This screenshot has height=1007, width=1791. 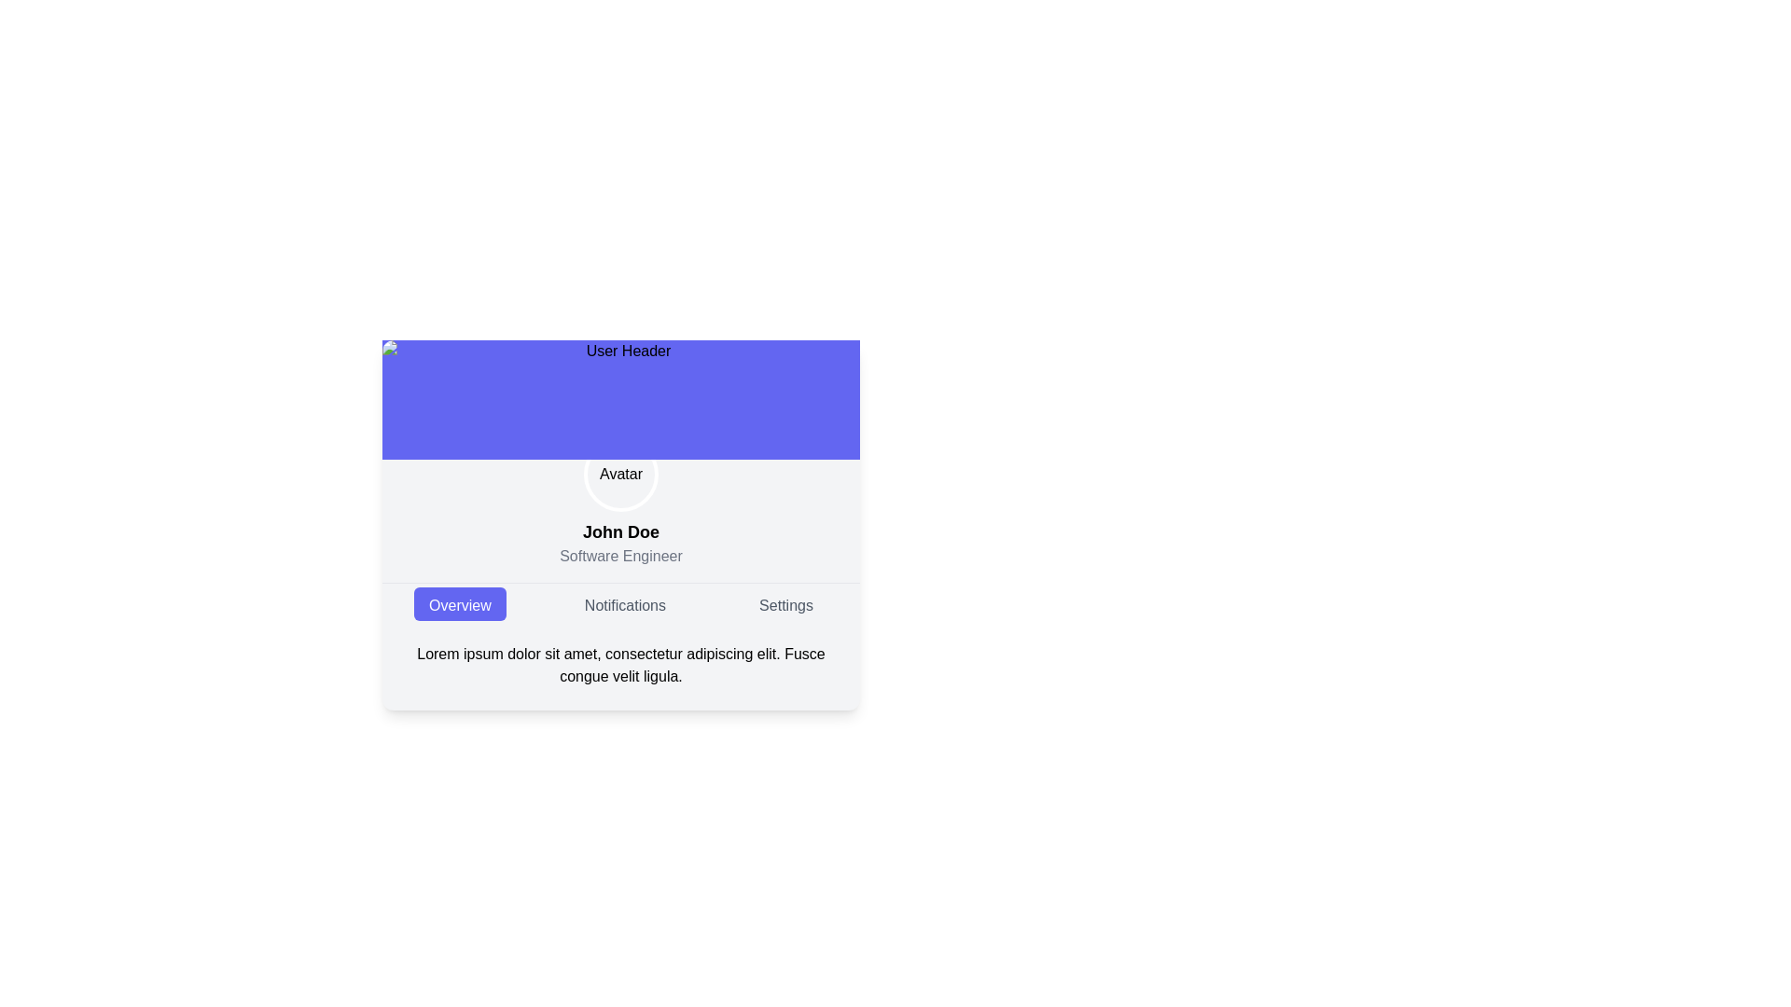 I want to click on the 'Overview' button, a rectangular tab with bold white text on a vibrant indigo background, located at the bottom-left of the card-like section, so click(x=460, y=604).